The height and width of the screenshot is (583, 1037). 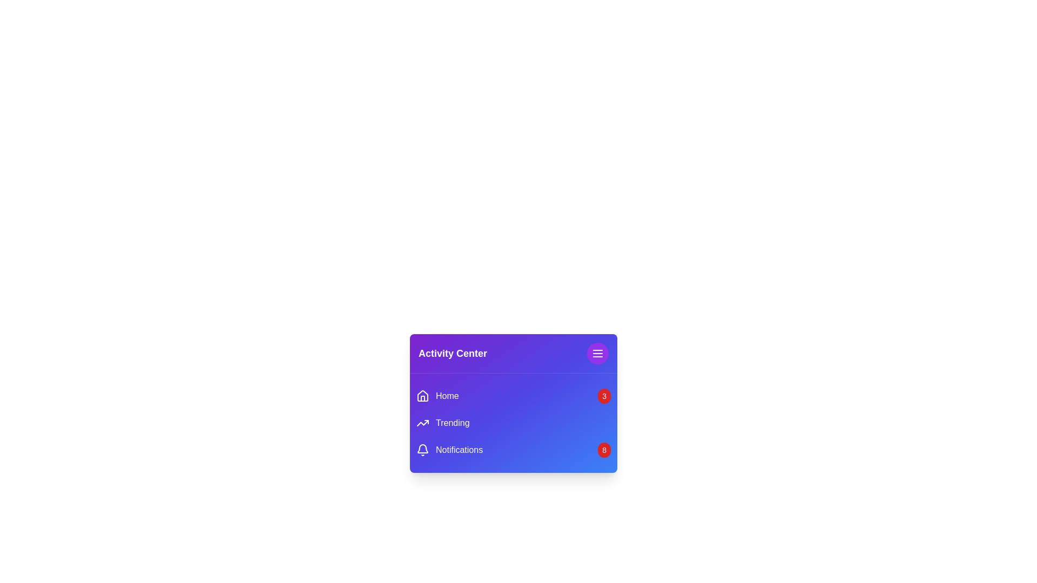 What do you see at coordinates (603, 396) in the screenshot?
I see `the notification badge for Home` at bounding box center [603, 396].